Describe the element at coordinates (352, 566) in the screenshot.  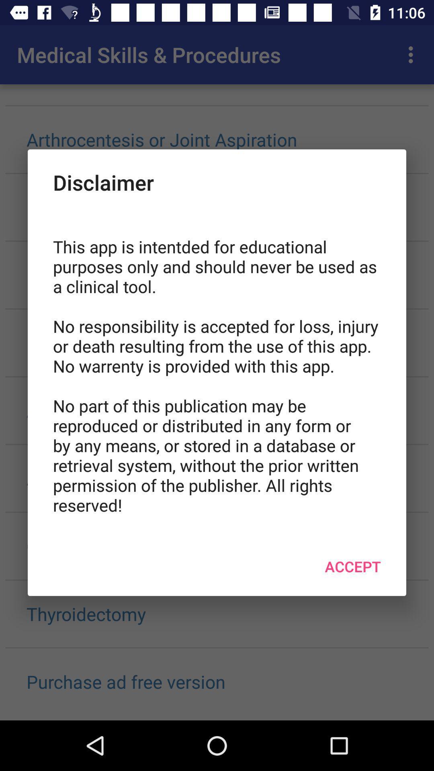
I see `accept item` at that location.